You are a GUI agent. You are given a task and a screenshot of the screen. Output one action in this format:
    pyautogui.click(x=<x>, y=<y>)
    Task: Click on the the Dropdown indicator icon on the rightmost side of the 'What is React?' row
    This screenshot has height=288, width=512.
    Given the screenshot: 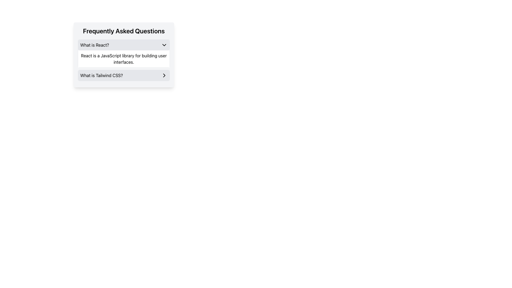 What is the action you would take?
    pyautogui.click(x=164, y=45)
    